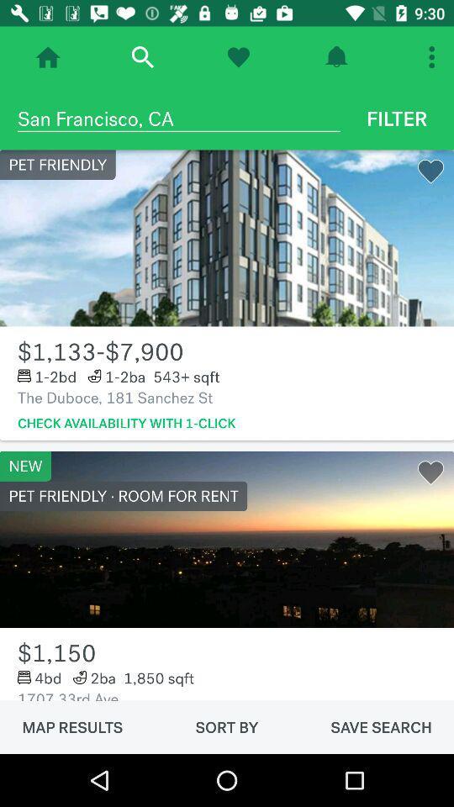 The height and width of the screenshot is (807, 454). Describe the element at coordinates (125, 423) in the screenshot. I see `item below the duboce 181 item` at that location.